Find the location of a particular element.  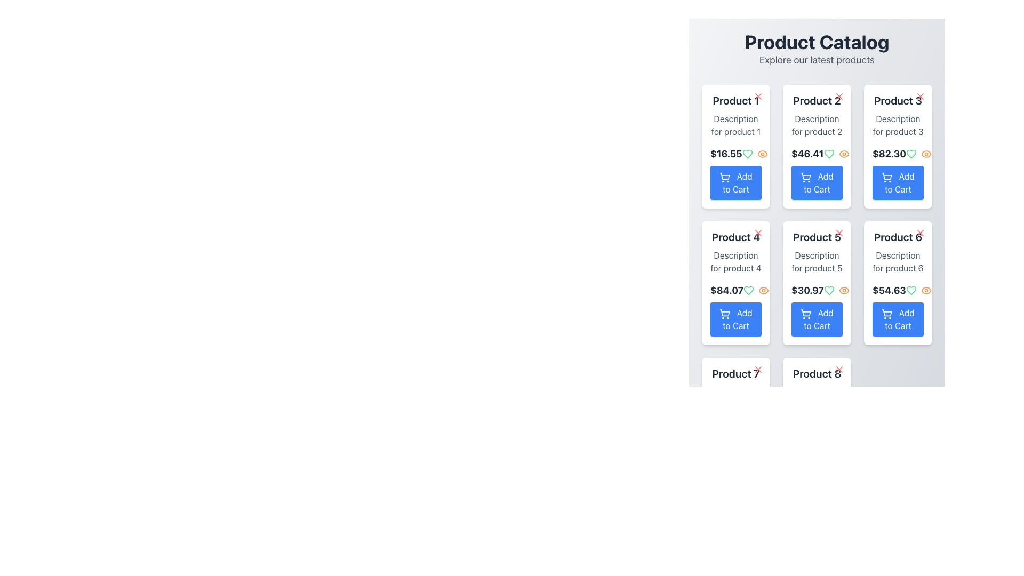

the simplified shopping cart icon located within the third product card of the grid layout is located at coordinates (887, 175).